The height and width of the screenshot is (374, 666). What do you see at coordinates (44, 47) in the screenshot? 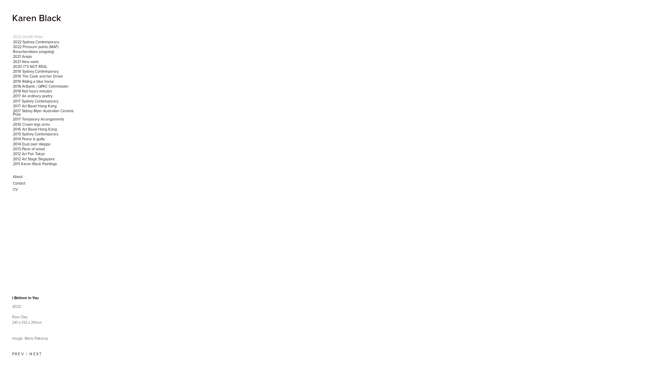
I see `'2022 Pressure points (MAF)'` at bounding box center [44, 47].